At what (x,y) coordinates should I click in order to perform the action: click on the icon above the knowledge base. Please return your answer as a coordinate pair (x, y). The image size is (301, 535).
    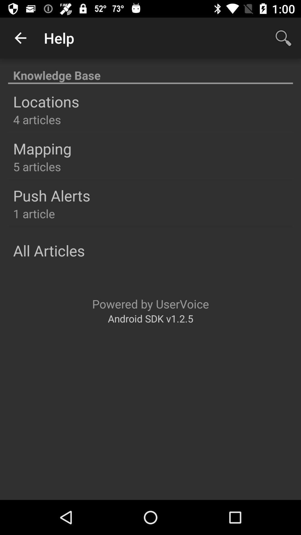
    Looking at the image, I should click on (20, 38).